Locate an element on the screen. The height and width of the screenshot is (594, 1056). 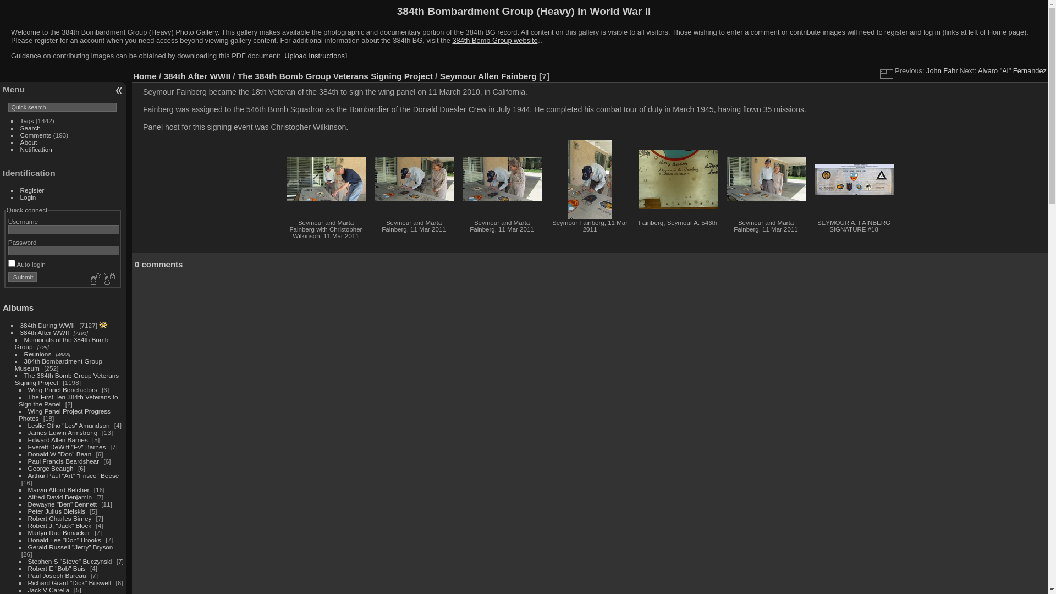
'Leslie Otho "Les" Amundson' is located at coordinates (68, 425).